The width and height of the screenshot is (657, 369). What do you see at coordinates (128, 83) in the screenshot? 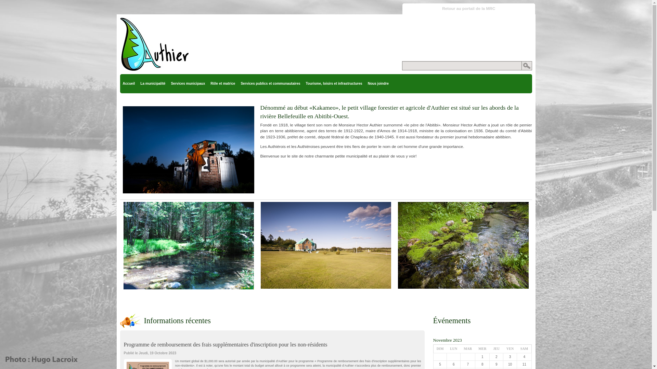
I see `'Accueil'` at bounding box center [128, 83].